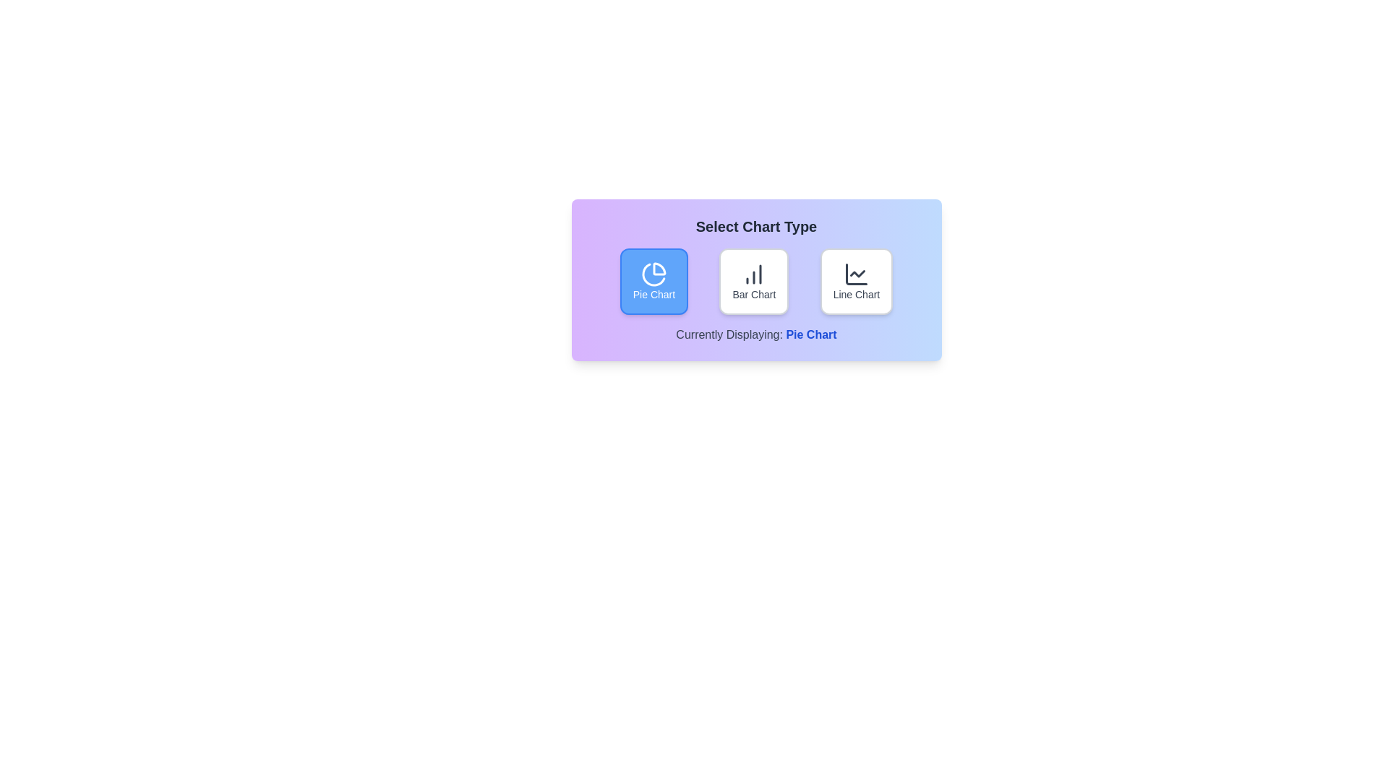 The height and width of the screenshot is (780, 1388). What do you see at coordinates (653, 281) in the screenshot?
I see `the Pie Chart button to select the corresponding chart type` at bounding box center [653, 281].